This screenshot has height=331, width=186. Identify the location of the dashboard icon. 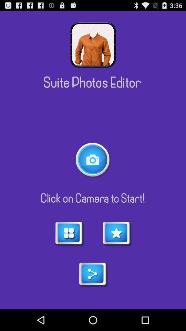
(69, 249).